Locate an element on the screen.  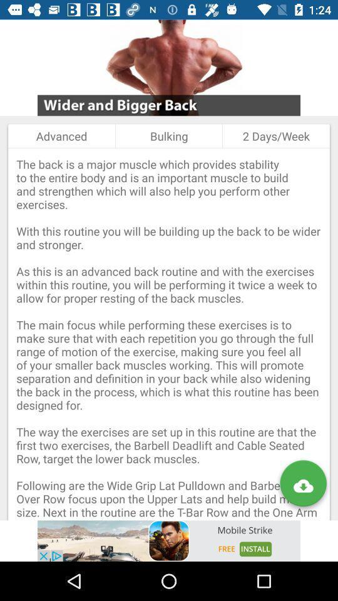
icon to the left of the bulking item is located at coordinates (61, 136).